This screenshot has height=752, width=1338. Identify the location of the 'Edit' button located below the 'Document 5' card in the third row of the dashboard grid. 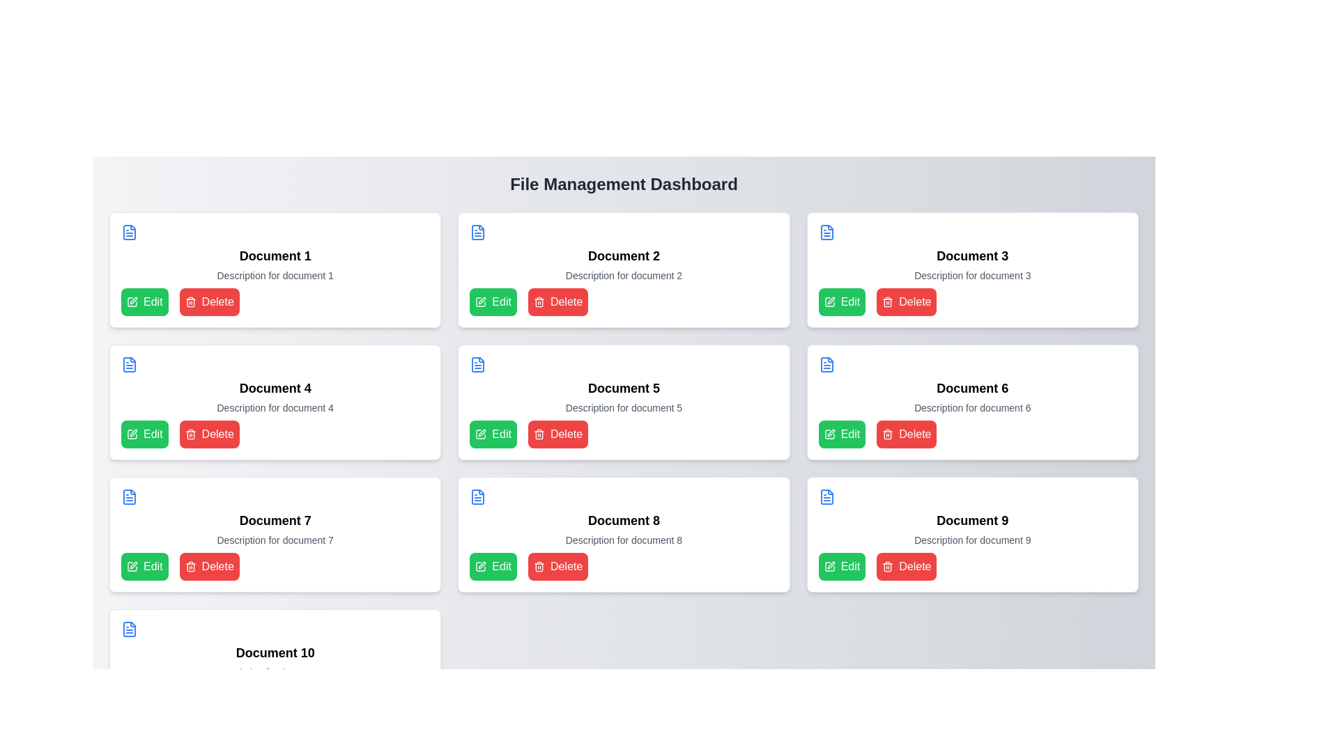
(493, 434).